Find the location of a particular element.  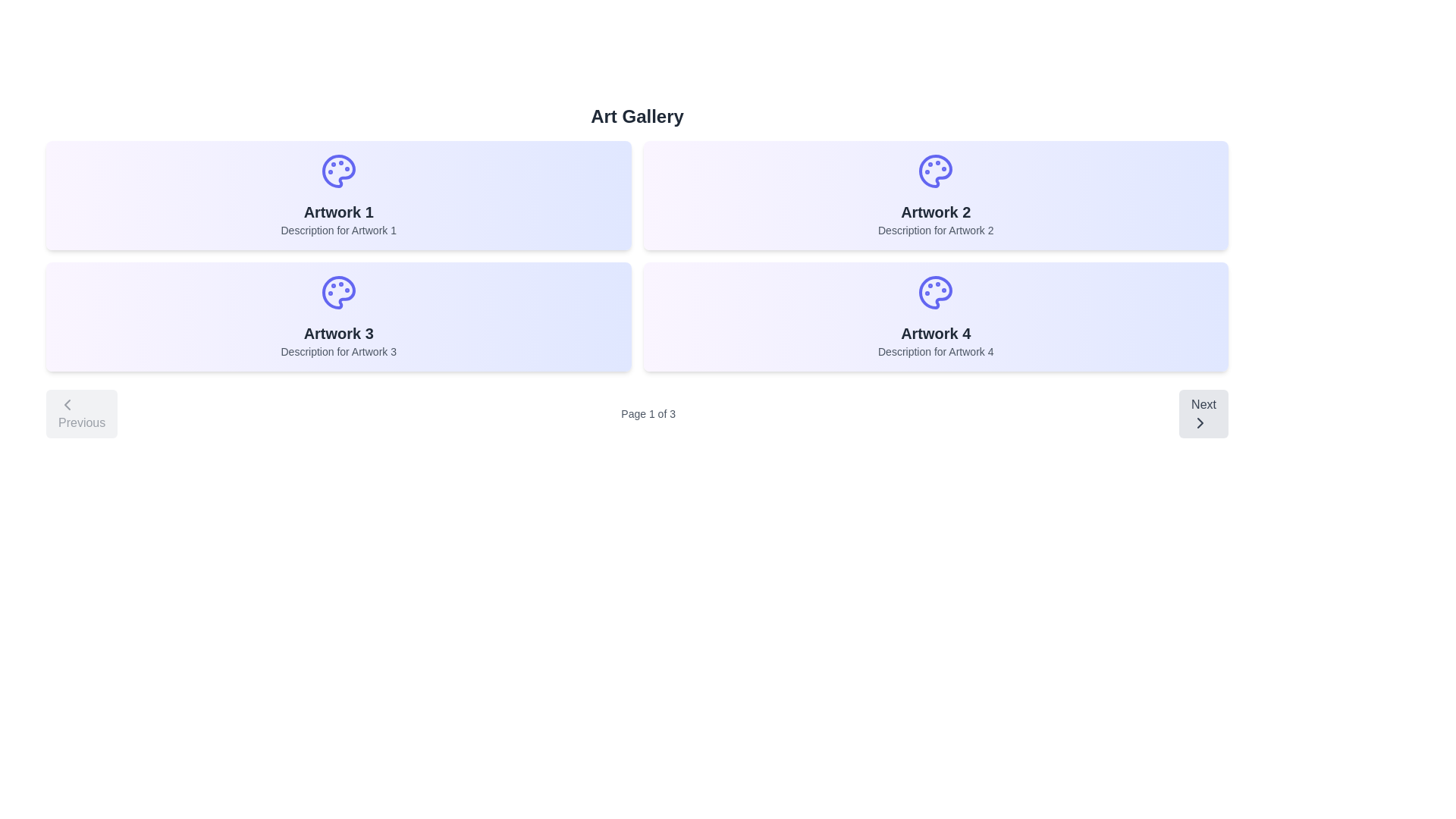

text label that displays 'Artwork 1', which is styled in bold and centered within the section titled 'Artwork 1 Description for Artwork 1' is located at coordinates (337, 212).